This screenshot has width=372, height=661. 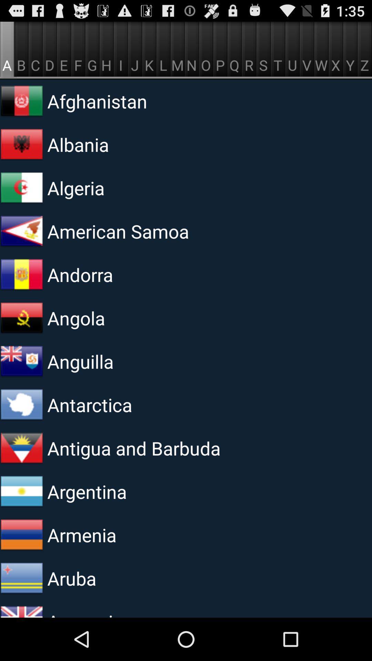 I want to click on the national_flag icon, so click(x=21, y=294).